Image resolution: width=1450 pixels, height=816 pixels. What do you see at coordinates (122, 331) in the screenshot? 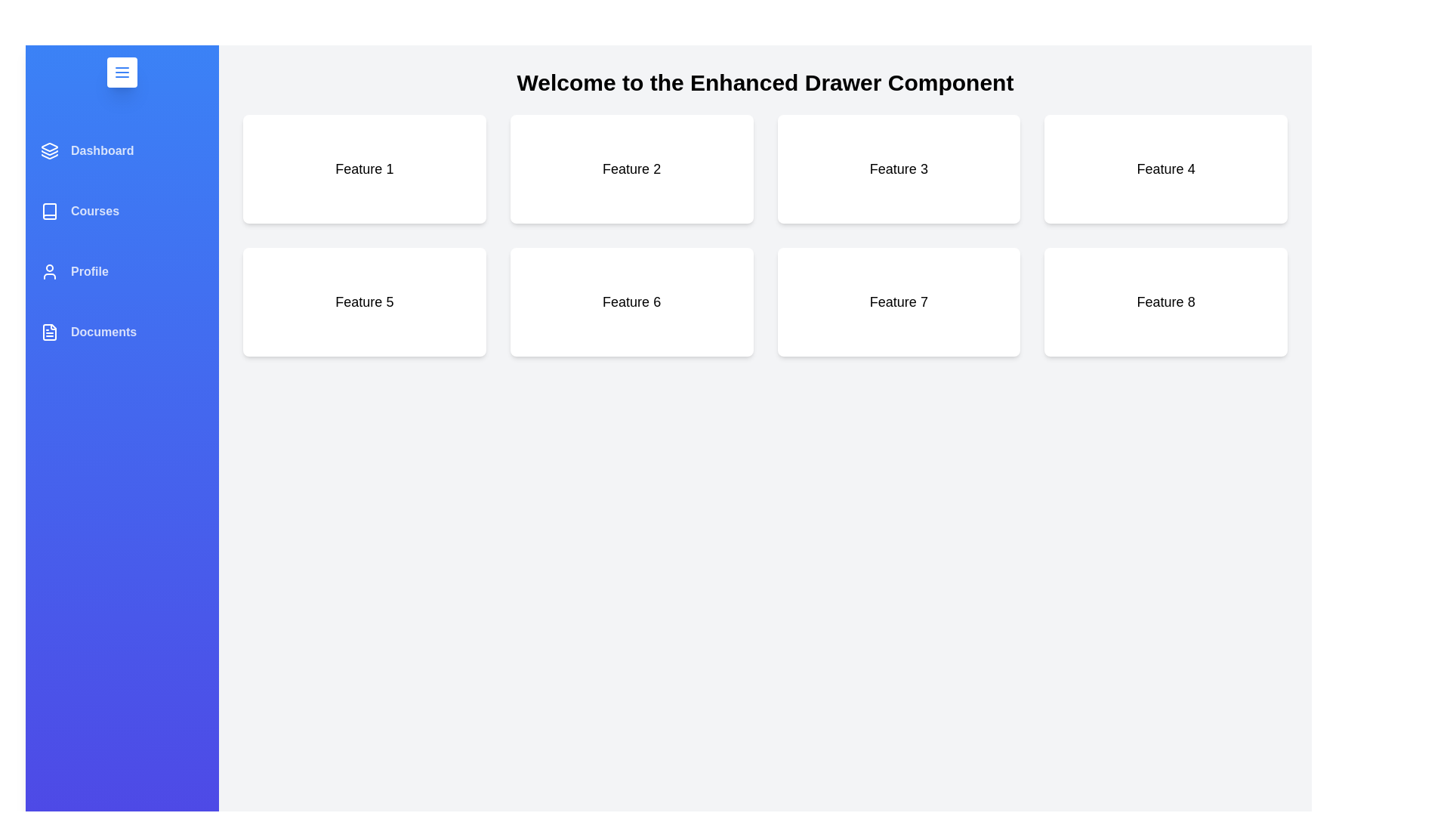
I see `the menu item Documents from the drawer` at bounding box center [122, 331].